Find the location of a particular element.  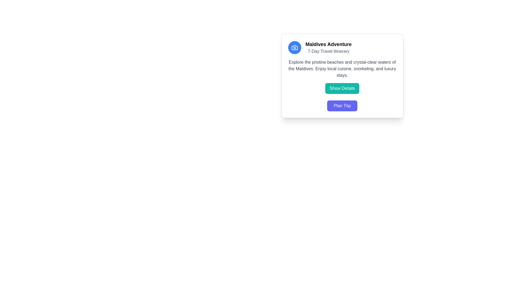

Header or Title text 'Maldives Adventure 7-Day Travel Itinerary' located at the top center of the content card, which serves as the main descriptor of the card's topic is located at coordinates (328, 44).